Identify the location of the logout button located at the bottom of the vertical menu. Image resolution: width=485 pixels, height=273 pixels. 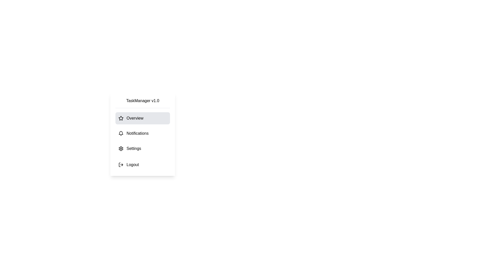
(142, 165).